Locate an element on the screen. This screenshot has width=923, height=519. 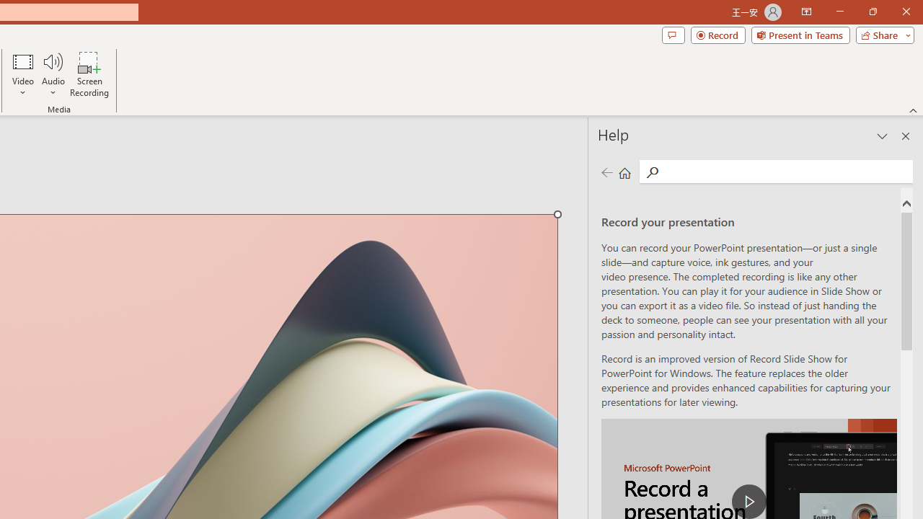
'Previous page' is located at coordinates (606, 172).